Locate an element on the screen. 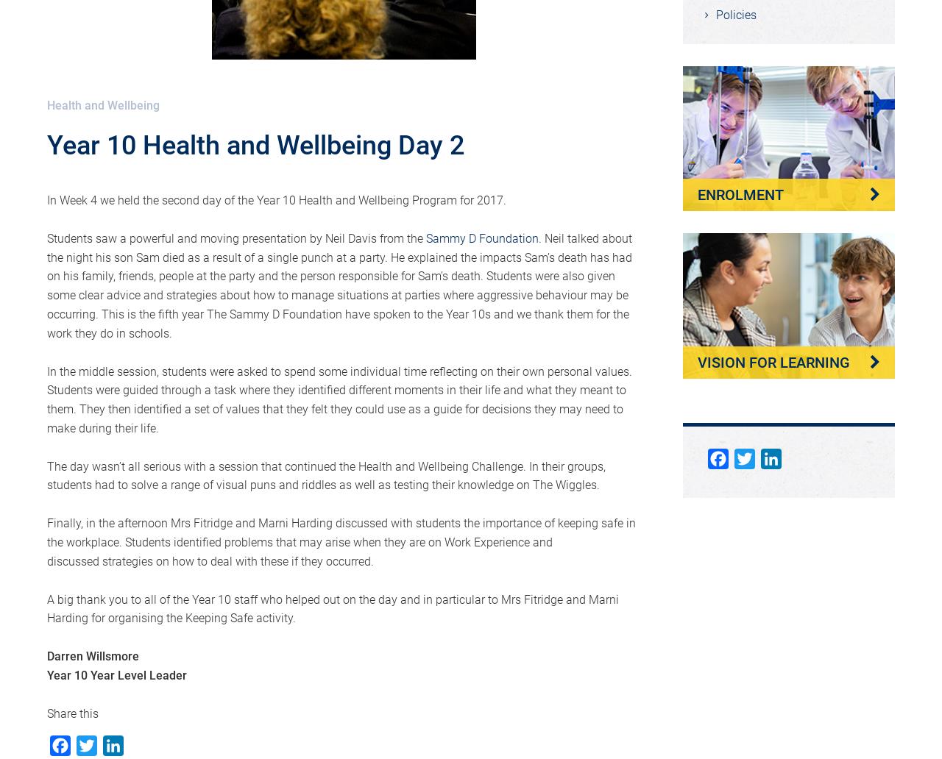 Image resolution: width=942 pixels, height=759 pixels. 'Year 10 Health and Wellbeing Day 2' is located at coordinates (255, 144).